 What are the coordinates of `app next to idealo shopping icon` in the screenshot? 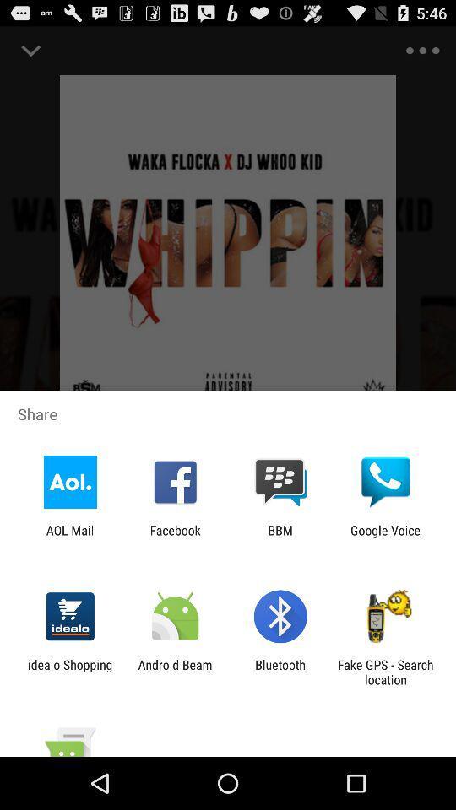 It's located at (174, 672).